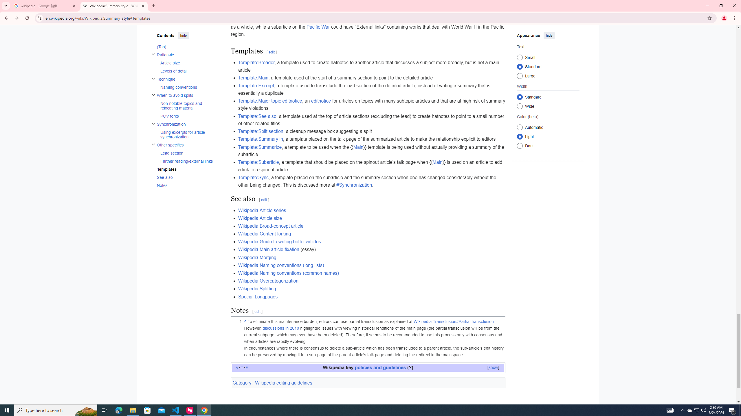  What do you see at coordinates (190, 161) in the screenshot?
I see `'Further reading/external links'` at bounding box center [190, 161].